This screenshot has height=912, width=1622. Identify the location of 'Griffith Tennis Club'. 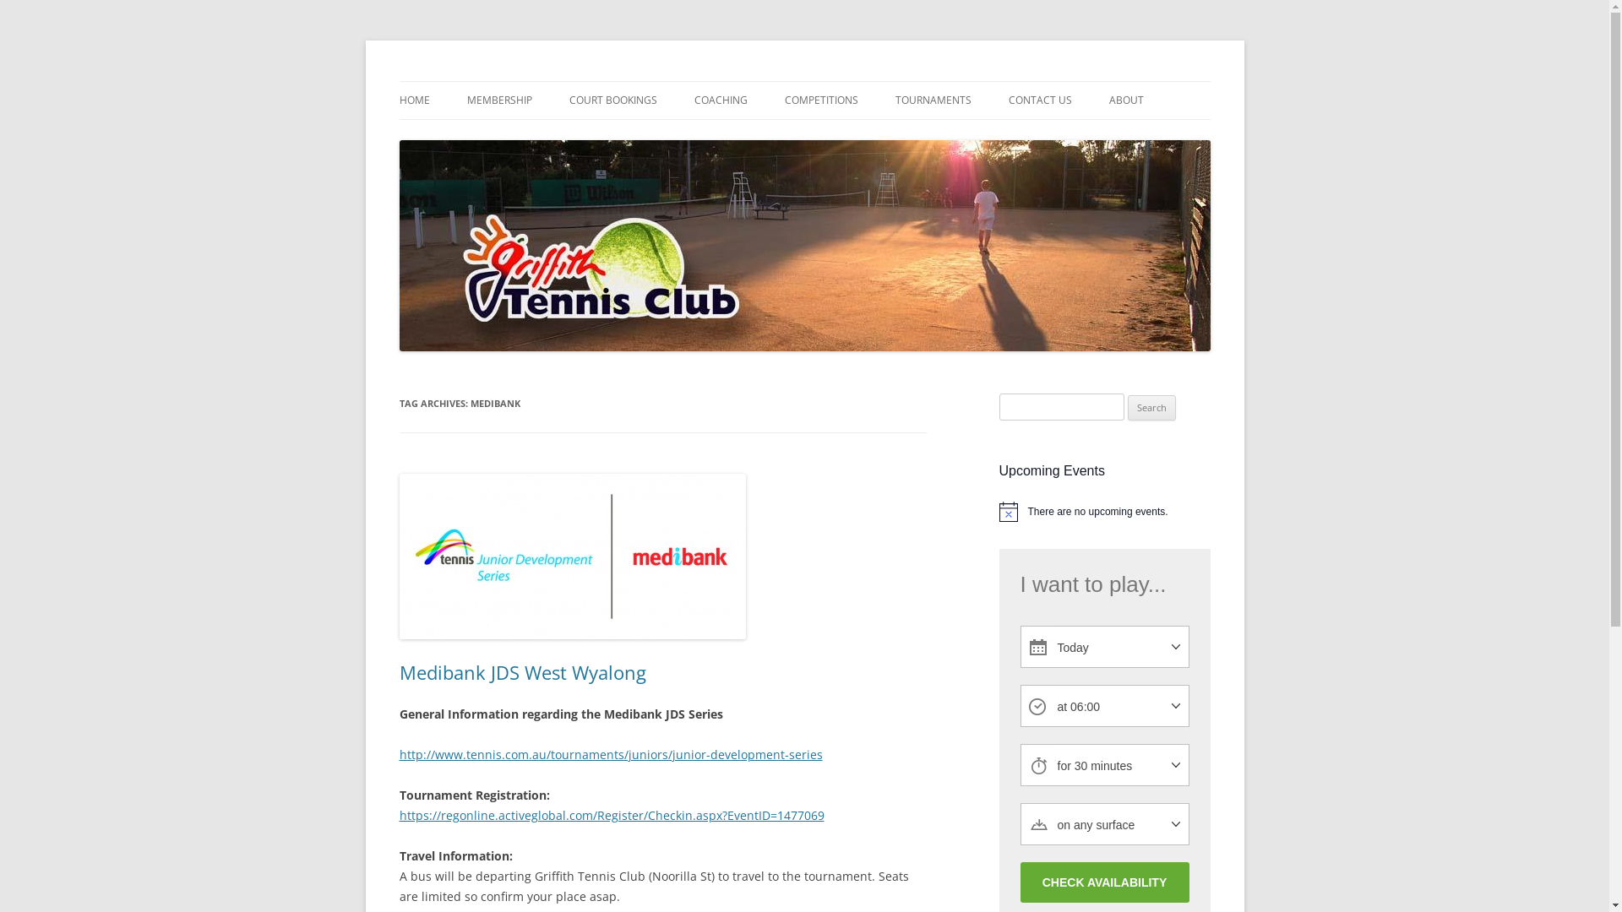
(504, 81).